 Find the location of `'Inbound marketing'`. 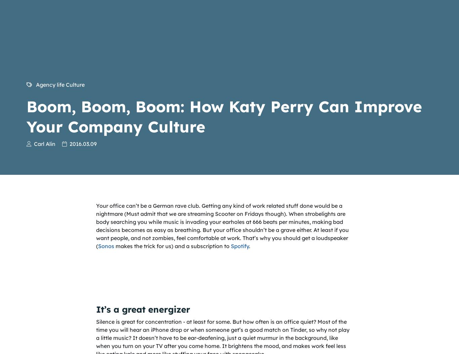

'Inbound marketing' is located at coordinates (382, 320).